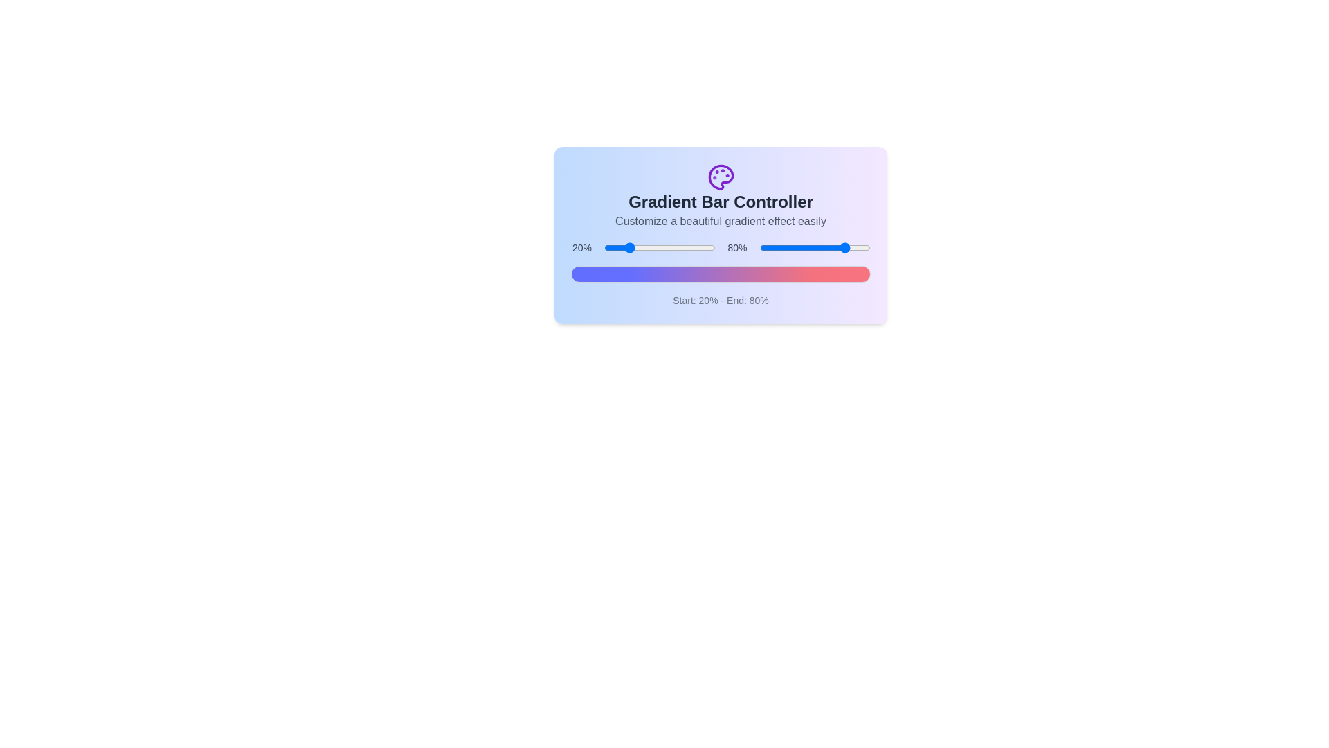  I want to click on the start percentage slider to 82%, so click(695, 247).